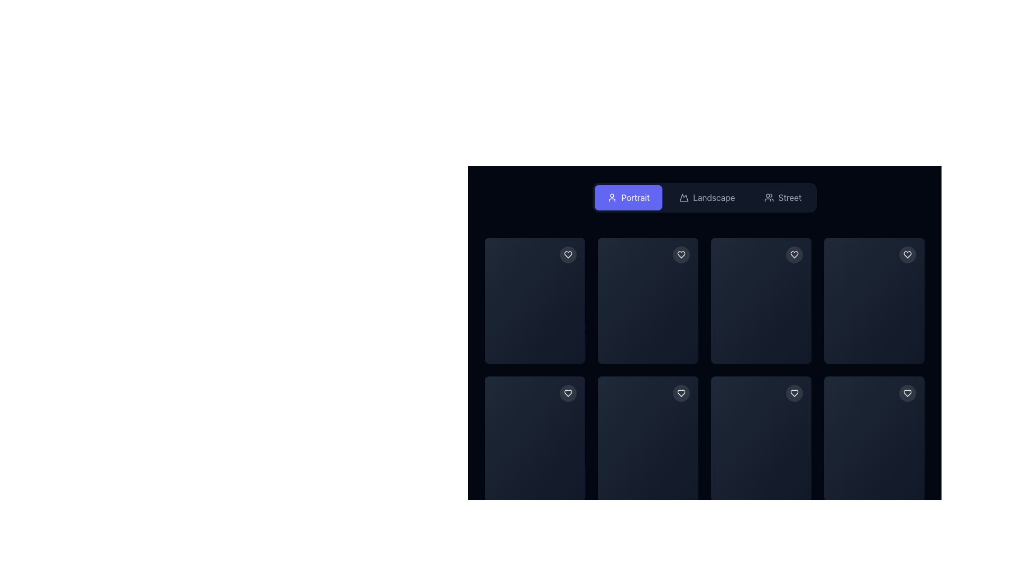 Image resolution: width=1015 pixels, height=571 pixels. Describe the element at coordinates (907, 393) in the screenshot. I see `the last heart-shaped favorite button located at the bottom-right corner of the grid containing similar icons` at that location.